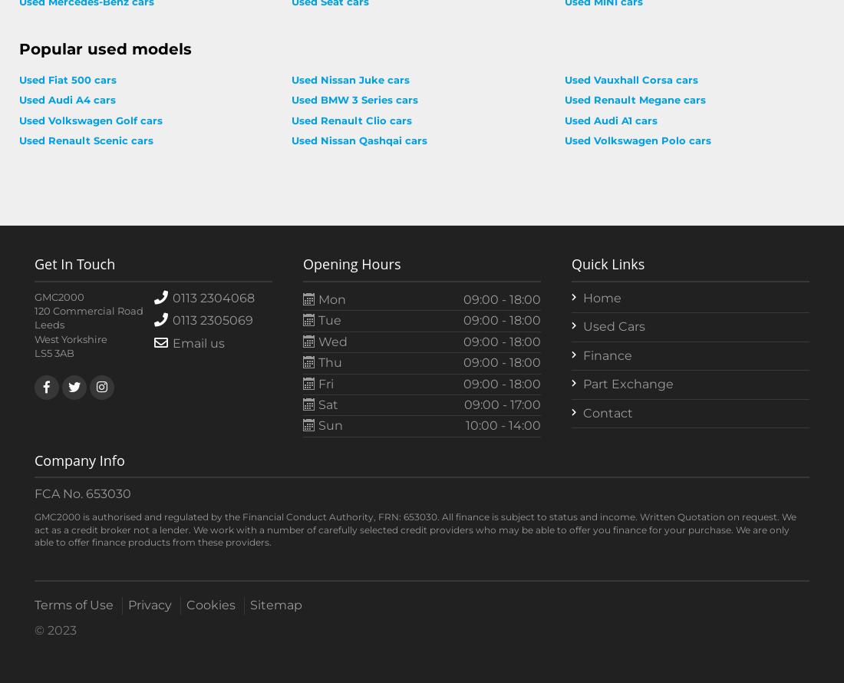 The height and width of the screenshot is (683, 844). Describe the element at coordinates (303, 263) in the screenshot. I see `'Opening Hours'` at that location.